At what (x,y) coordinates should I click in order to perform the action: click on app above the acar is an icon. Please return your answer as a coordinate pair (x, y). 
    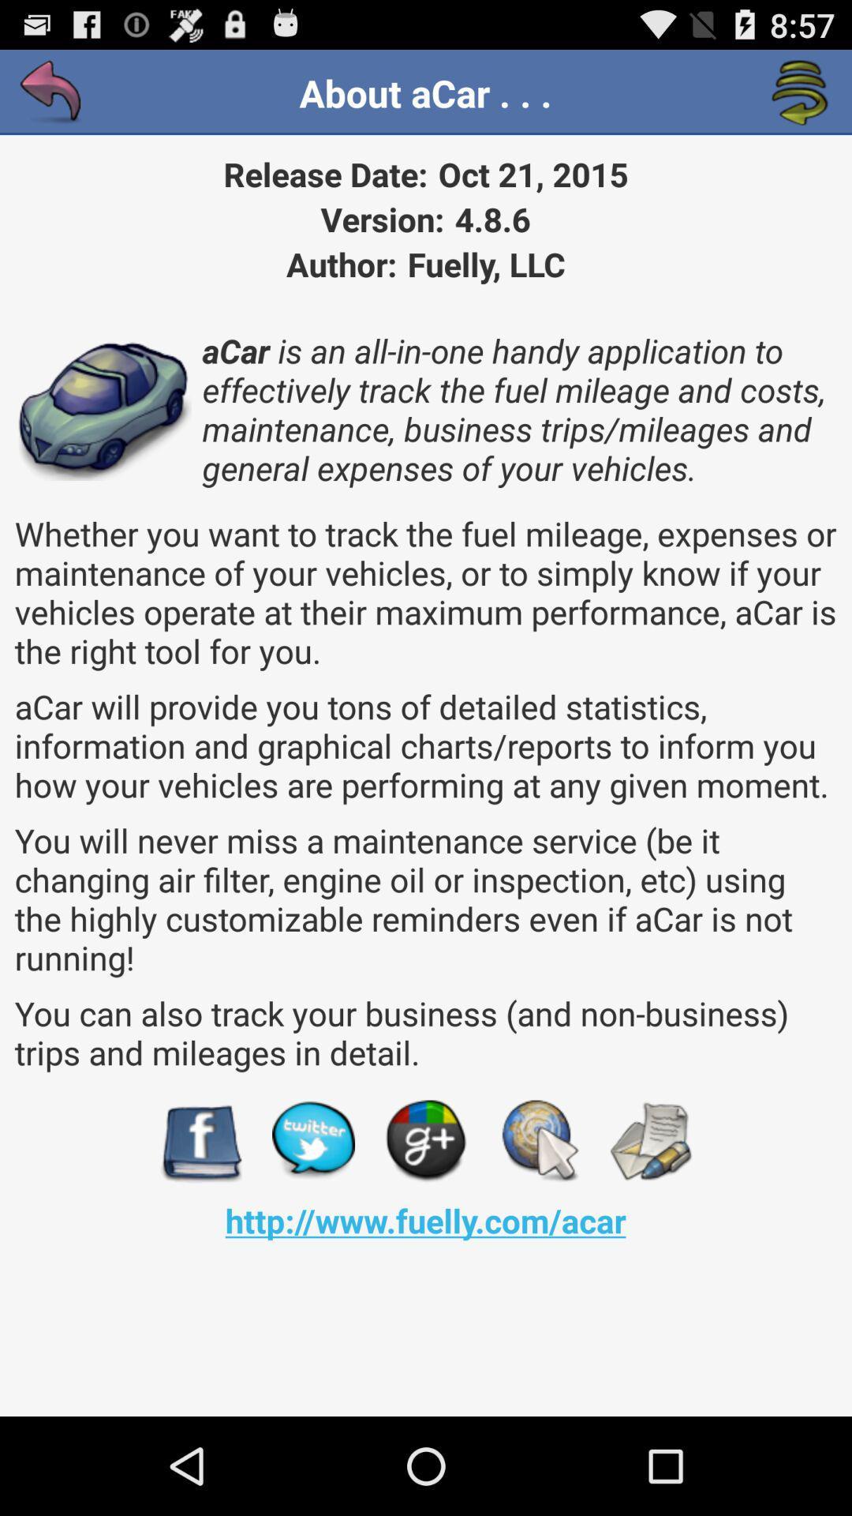
    Looking at the image, I should click on (50, 92).